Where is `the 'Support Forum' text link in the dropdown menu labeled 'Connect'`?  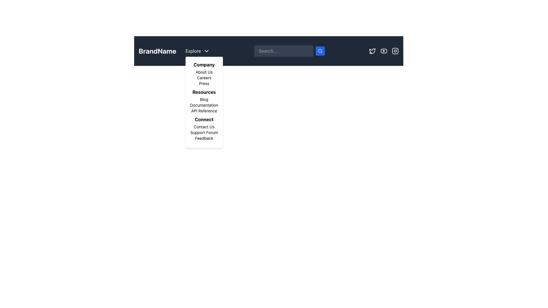
the 'Support Forum' text link in the dropdown menu labeled 'Connect' is located at coordinates (204, 133).